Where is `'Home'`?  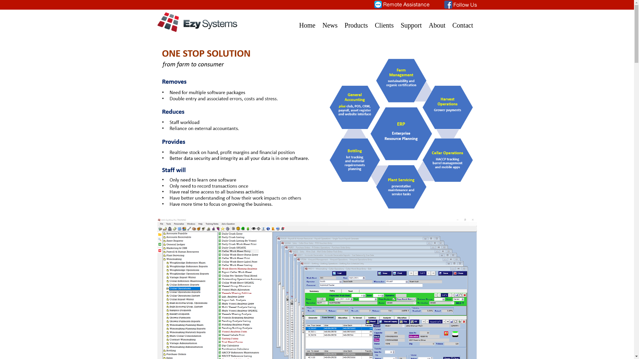
'Home' is located at coordinates (307, 21).